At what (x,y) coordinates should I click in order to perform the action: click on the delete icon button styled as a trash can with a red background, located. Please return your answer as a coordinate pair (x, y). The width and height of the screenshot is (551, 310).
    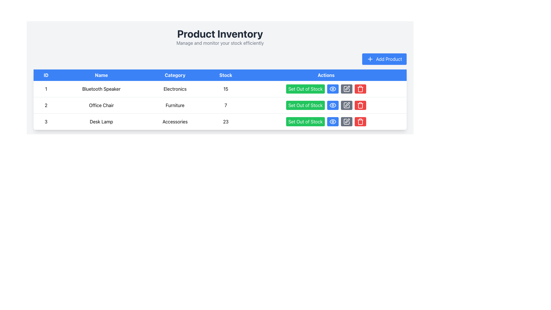
    Looking at the image, I should click on (360, 89).